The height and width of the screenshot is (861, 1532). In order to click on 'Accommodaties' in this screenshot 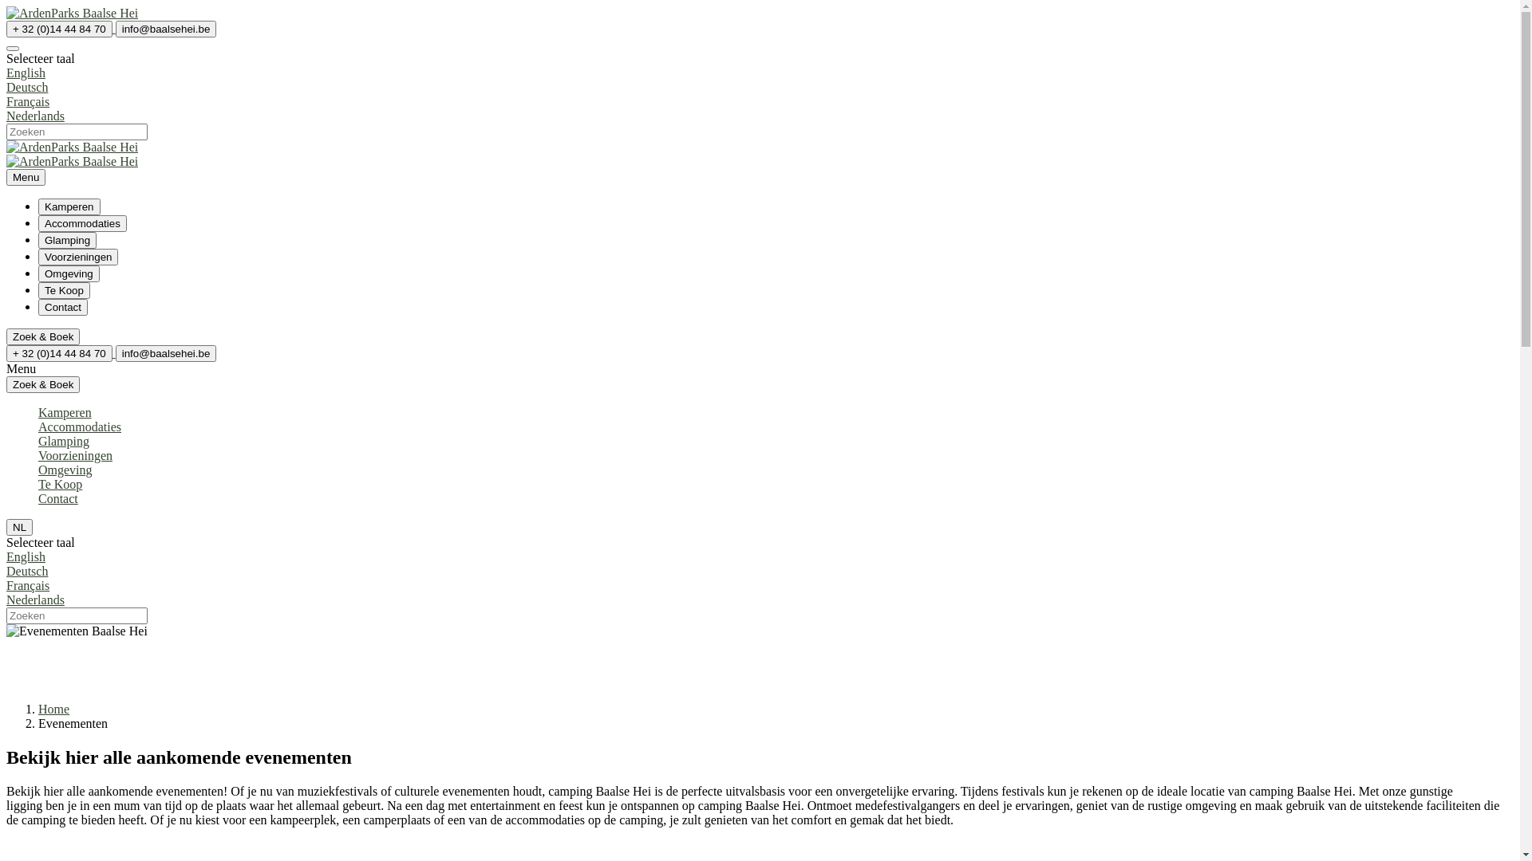, I will do `click(81, 223)`.